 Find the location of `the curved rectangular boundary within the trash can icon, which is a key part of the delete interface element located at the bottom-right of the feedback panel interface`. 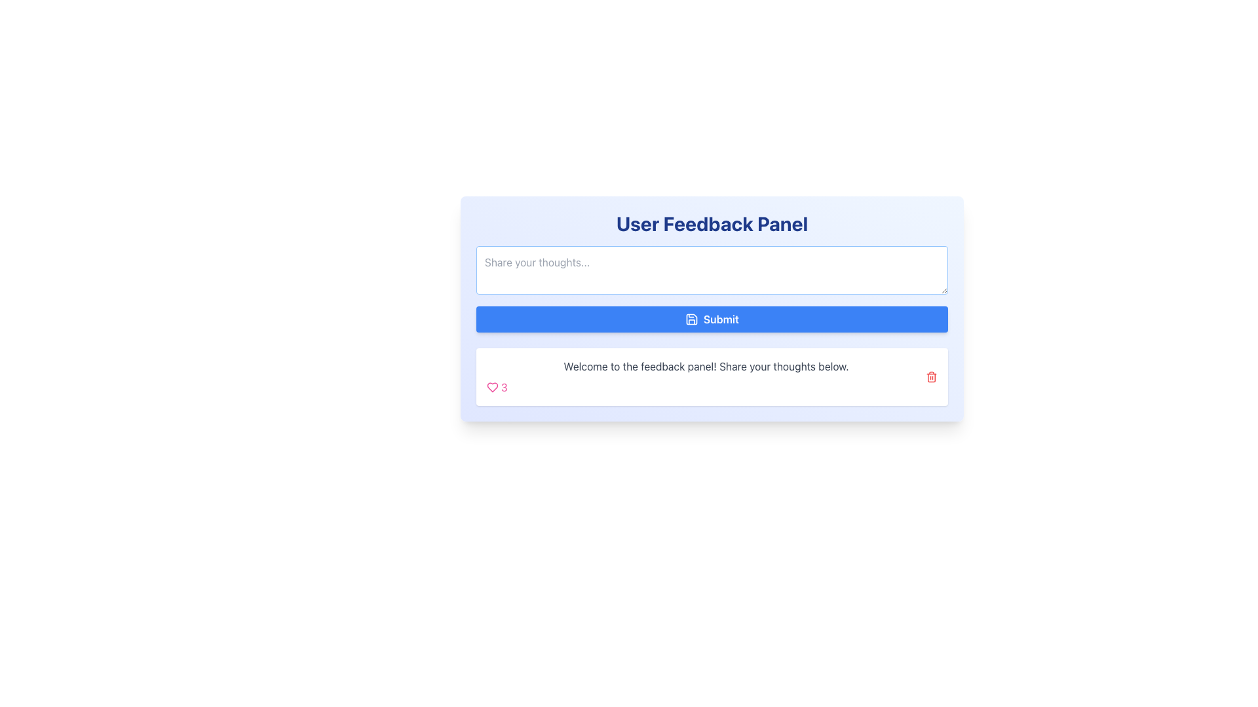

the curved rectangular boundary within the trash can icon, which is a key part of the delete interface element located at the bottom-right of the feedback panel interface is located at coordinates (930, 378).